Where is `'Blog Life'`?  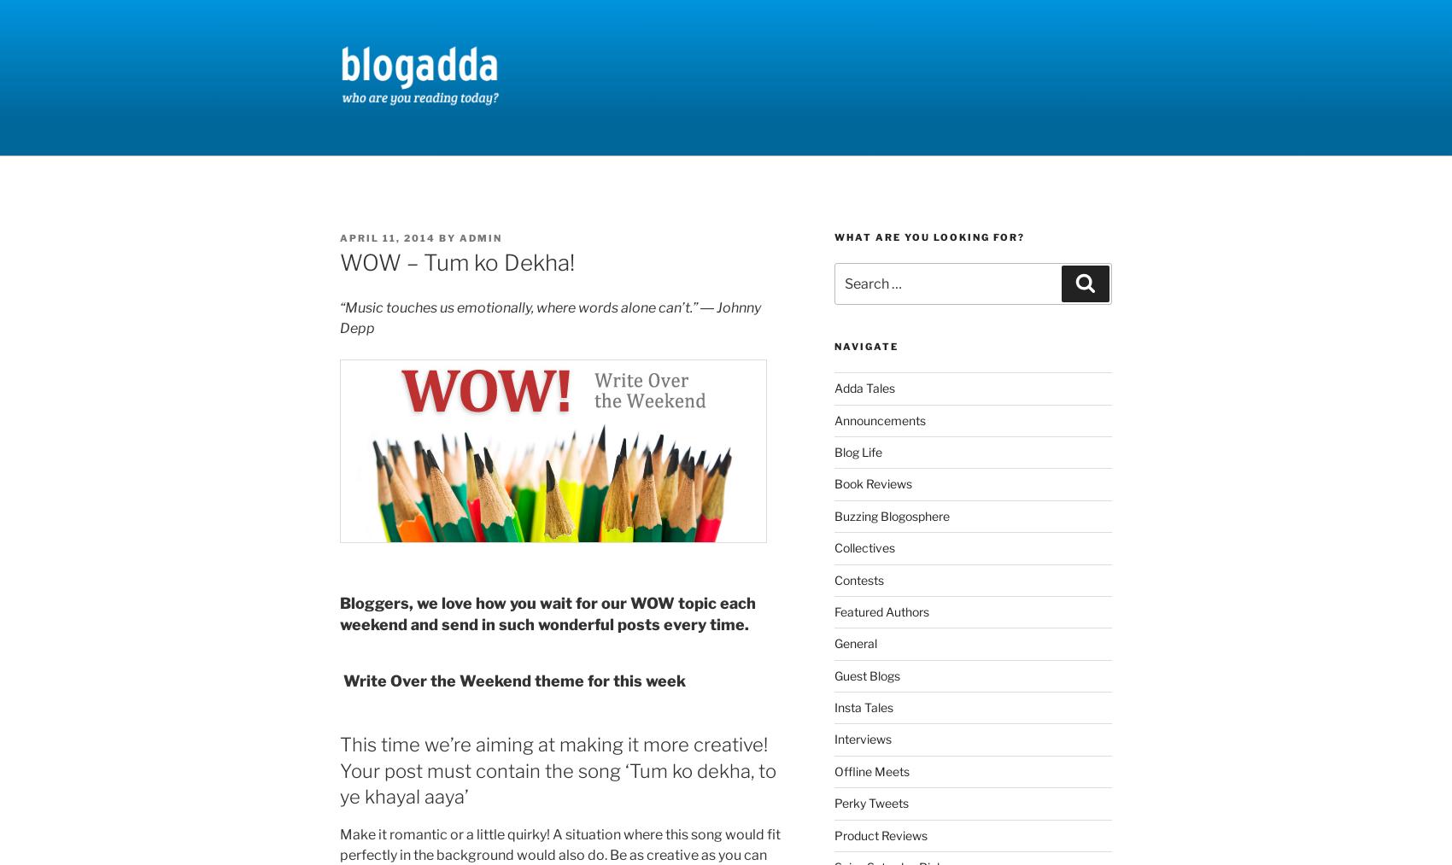 'Blog Life' is located at coordinates (857, 451).